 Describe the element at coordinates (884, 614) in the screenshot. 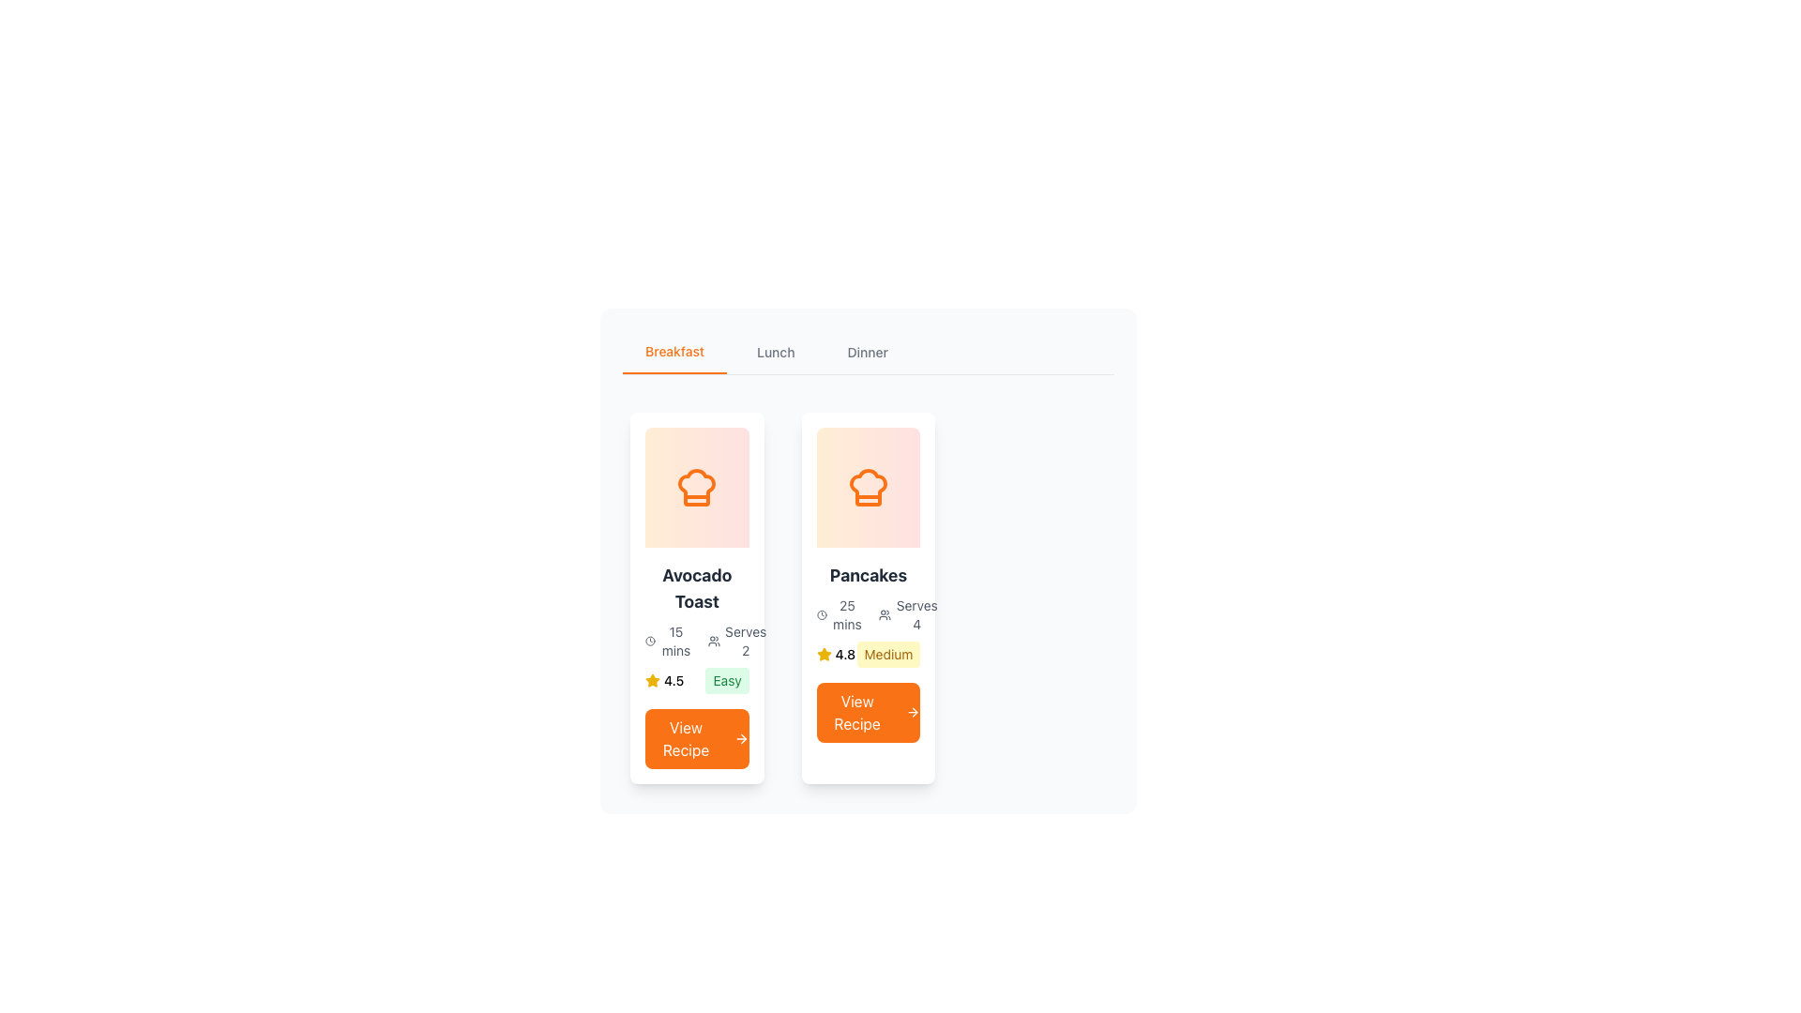

I see `the icon depicting a group of people, which is part of the 'Serves 4' component located near the text 'Serves 4'` at that location.